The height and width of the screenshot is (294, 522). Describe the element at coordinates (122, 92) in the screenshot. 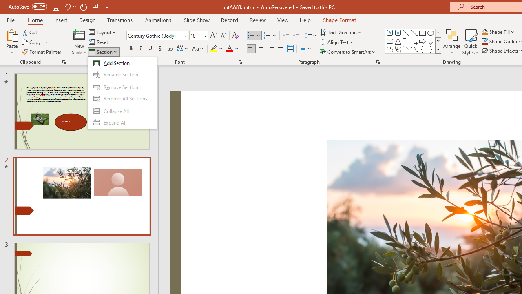

I see `'&Section'` at that location.